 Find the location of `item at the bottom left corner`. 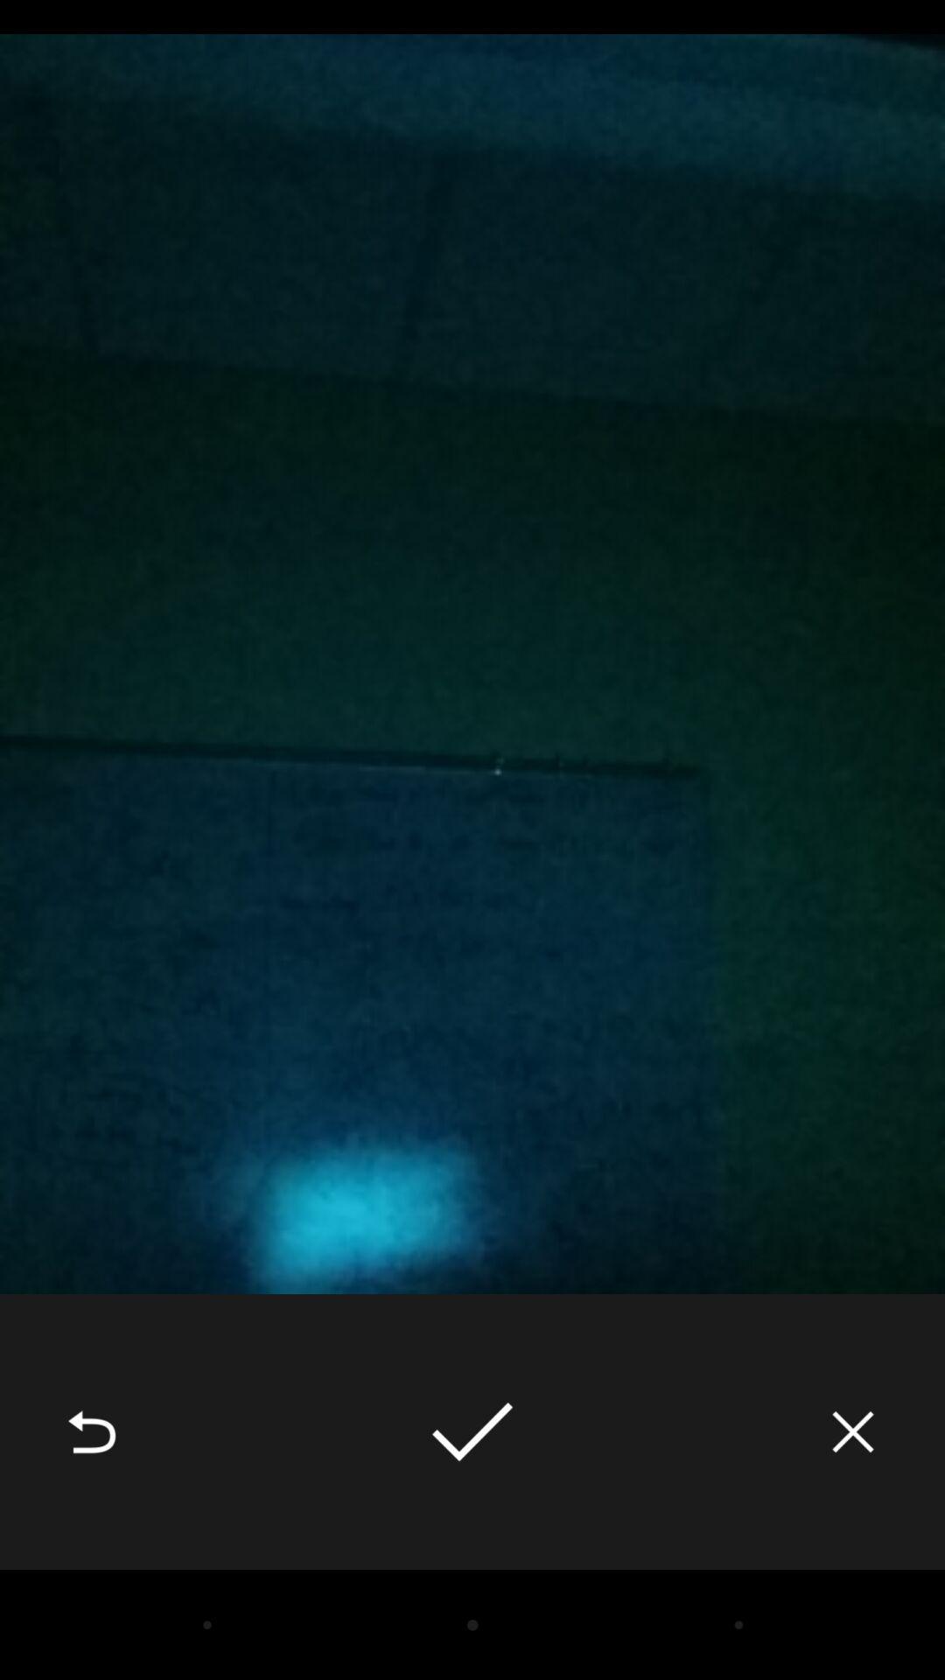

item at the bottom left corner is located at coordinates (91, 1431).